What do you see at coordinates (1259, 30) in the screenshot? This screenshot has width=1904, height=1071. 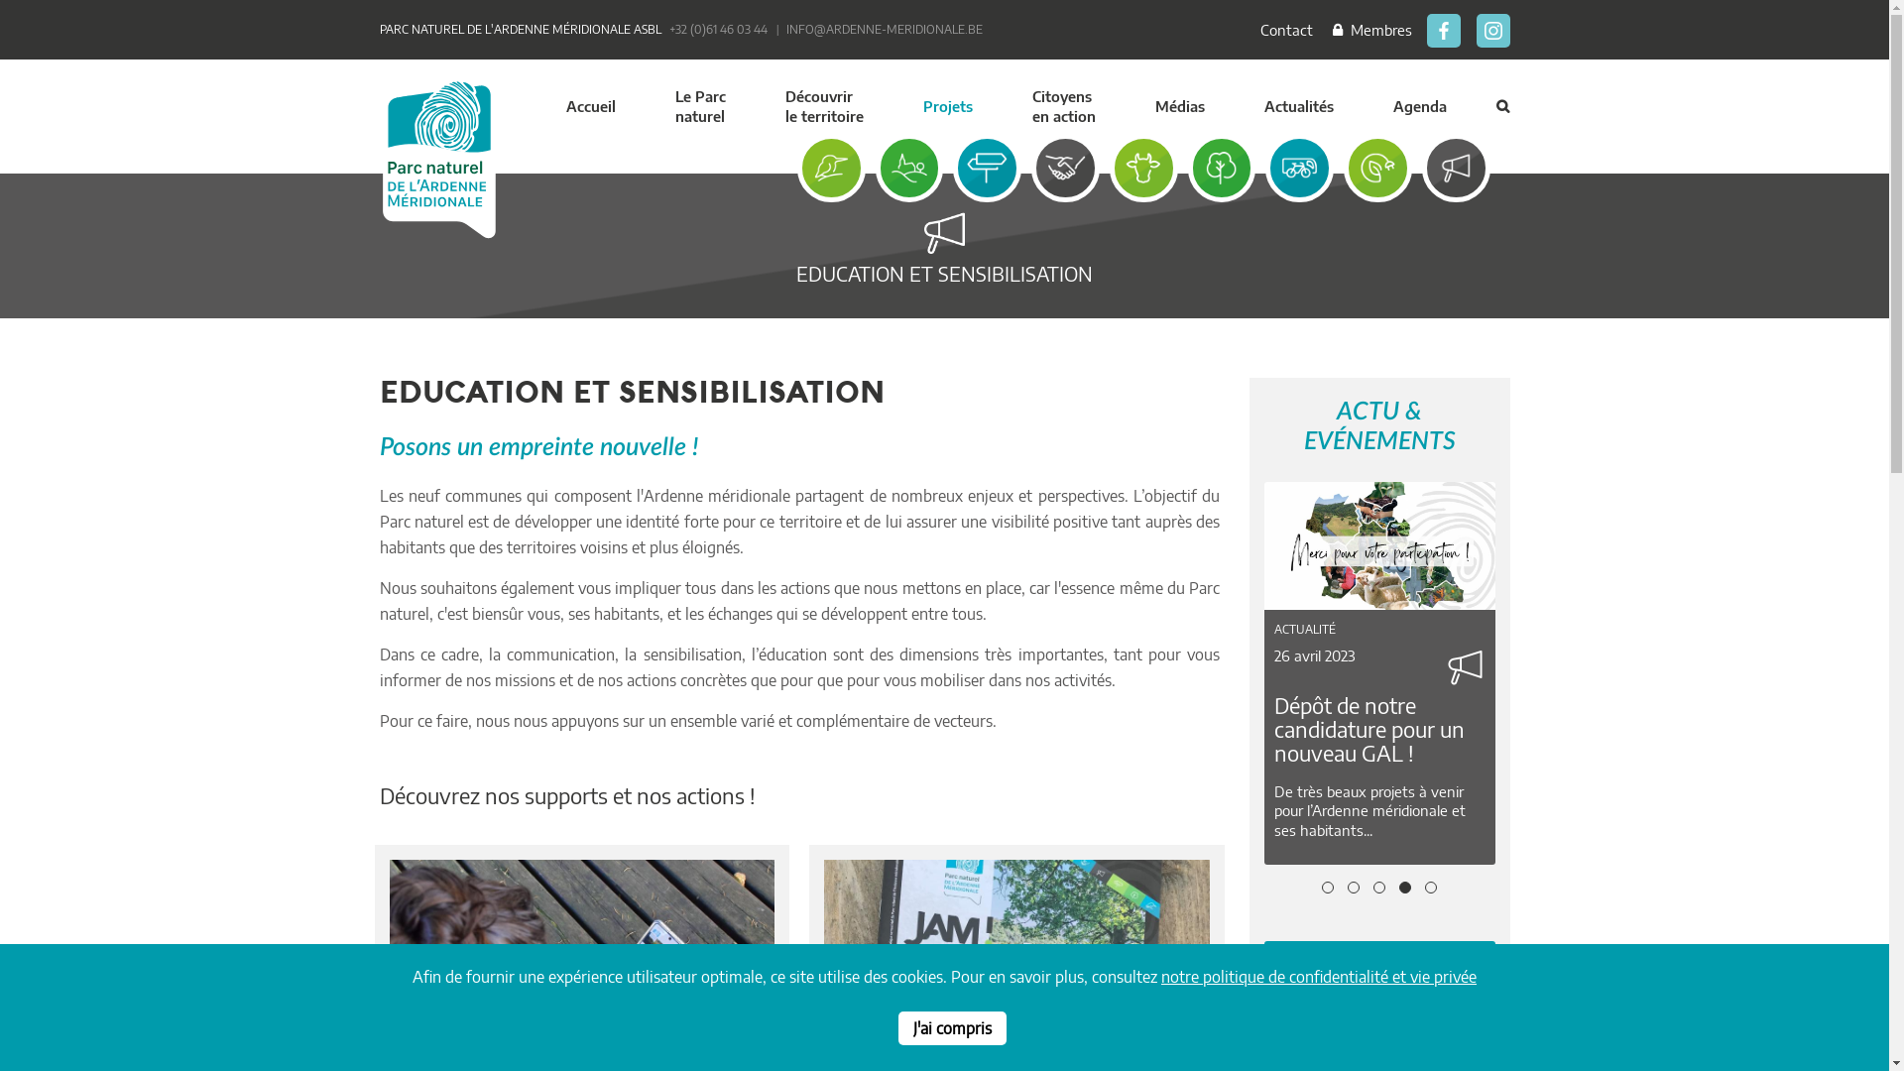 I see `'Contact'` at bounding box center [1259, 30].